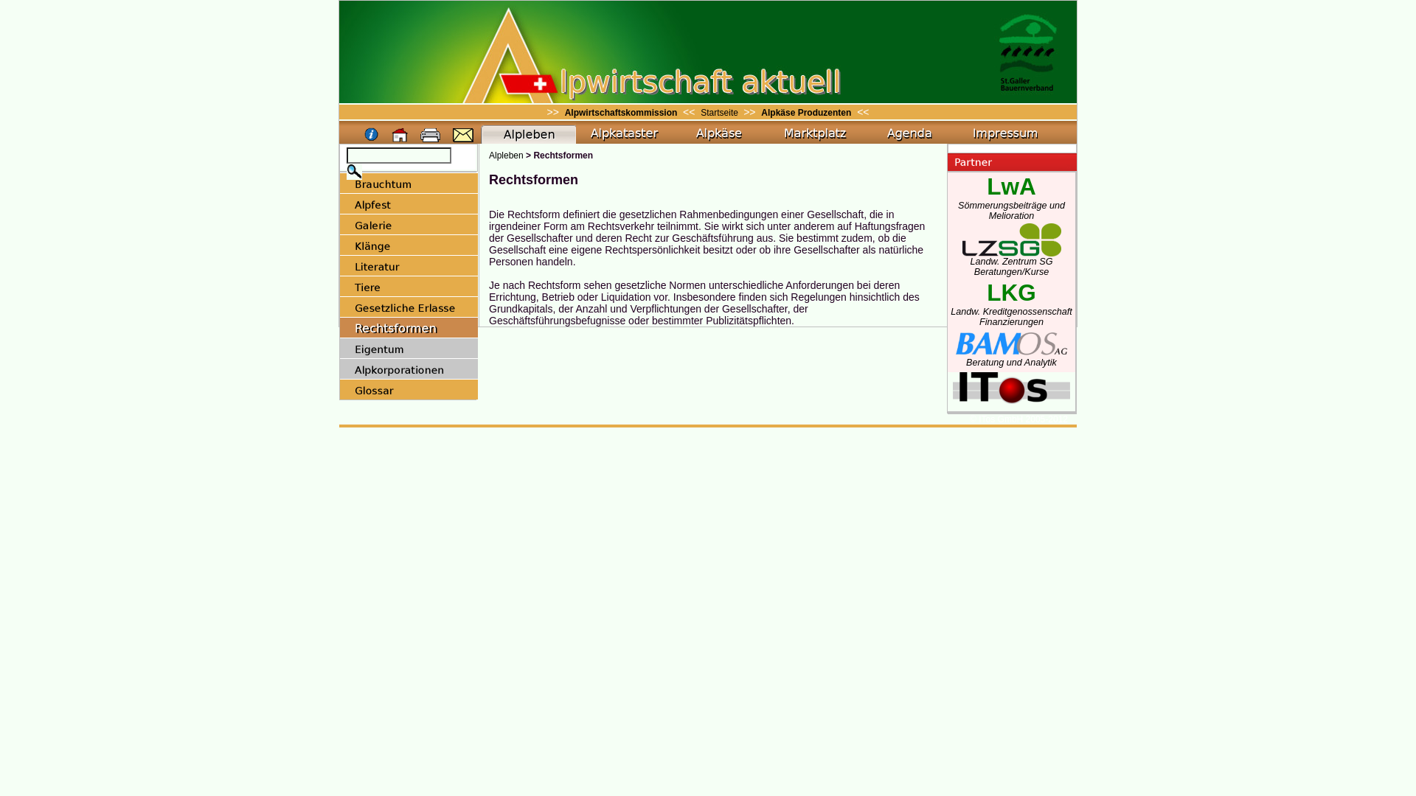  What do you see at coordinates (462, 136) in the screenshot?
I see `'Mail'` at bounding box center [462, 136].